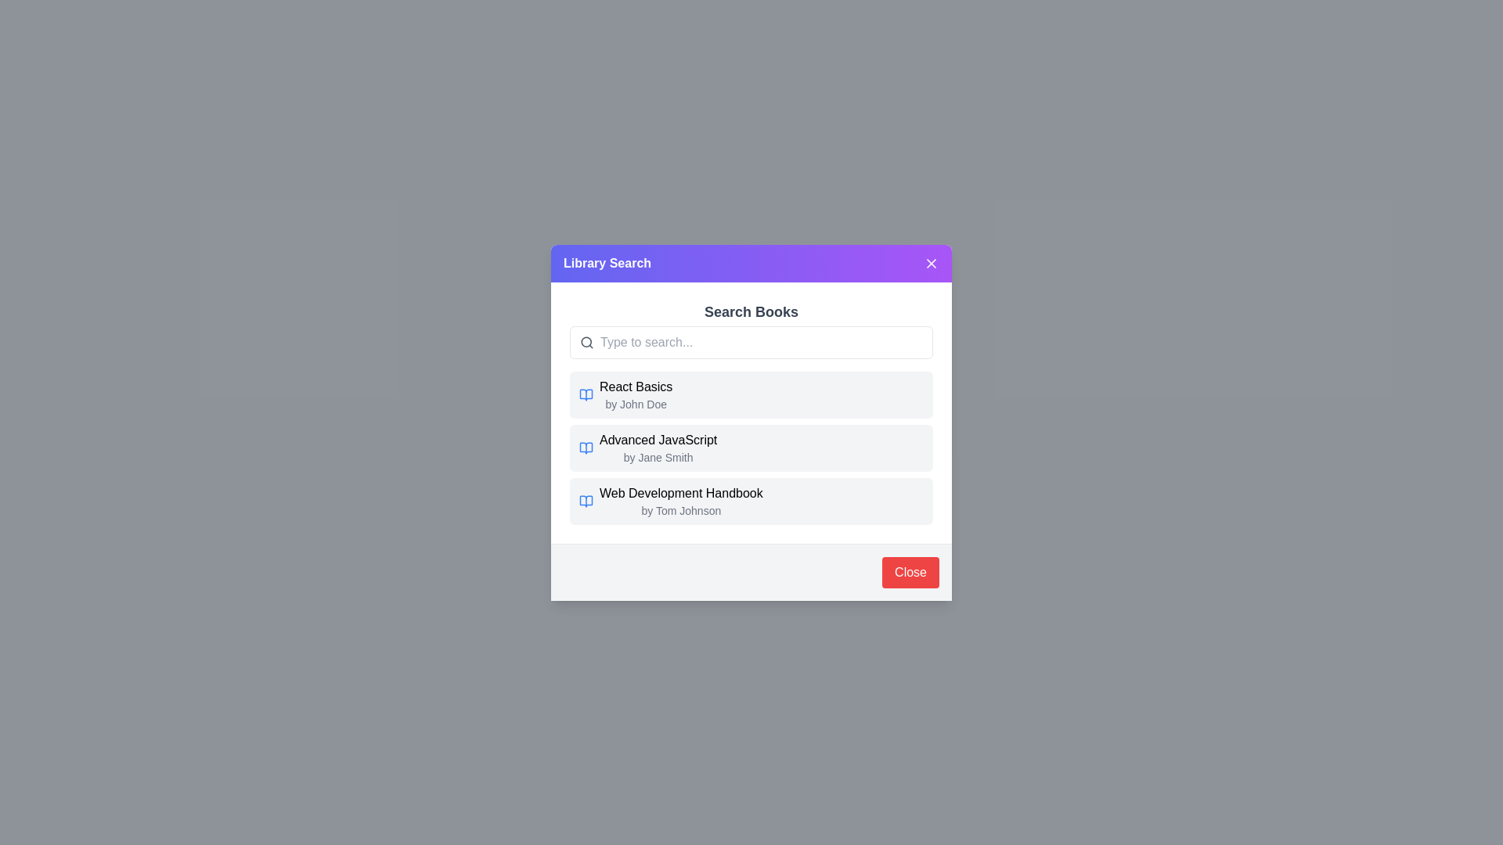 This screenshot has height=845, width=1503. What do you see at coordinates (751, 448) in the screenshot?
I see `the second list item containing book details, which includes the title and author` at bounding box center [751, 448].